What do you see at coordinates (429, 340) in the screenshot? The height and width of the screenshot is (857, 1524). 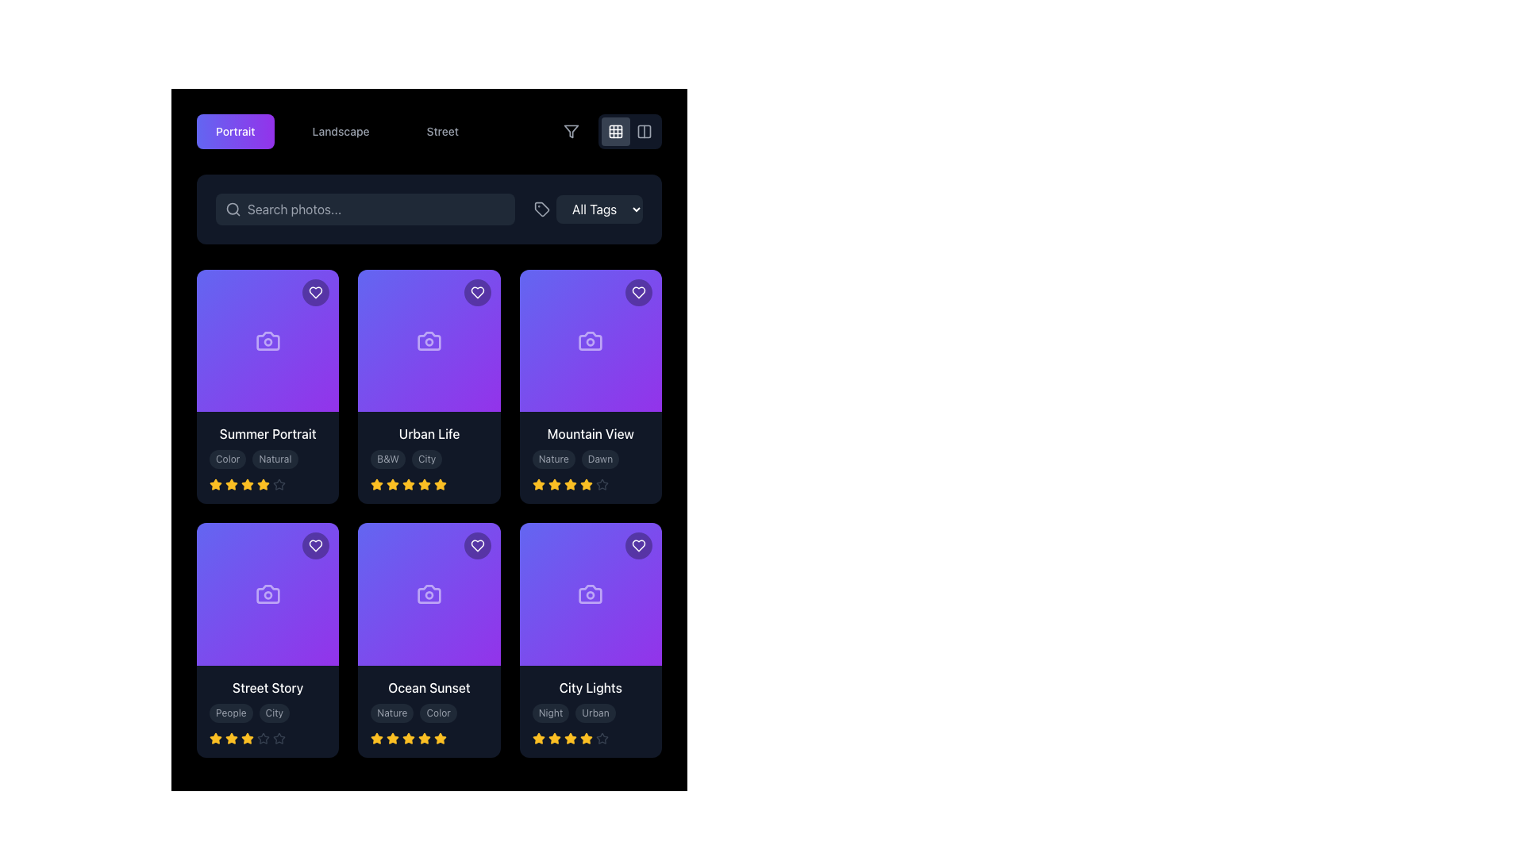 I see `the Decorative Icon that represents the absence of a photograph in the 'Urban Life' card, which is the second card in the first row of the grid layout` at bounding box center [429, 340].